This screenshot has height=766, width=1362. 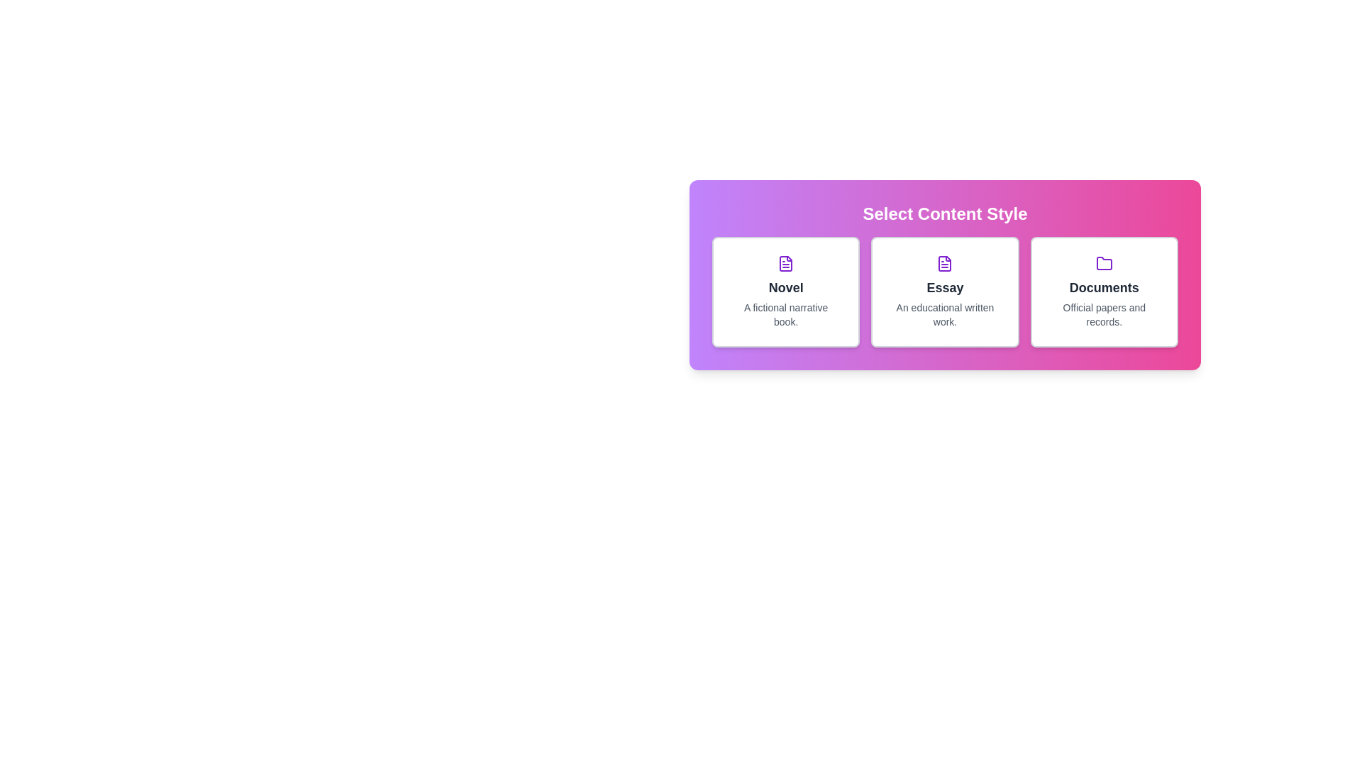 I want to click on the 'Documents' icon, which is the central feature of the 'Documents' card in the 'Select Content Style' interface, positioned at the top of its corresponding text, so click(x=1103, y=263).